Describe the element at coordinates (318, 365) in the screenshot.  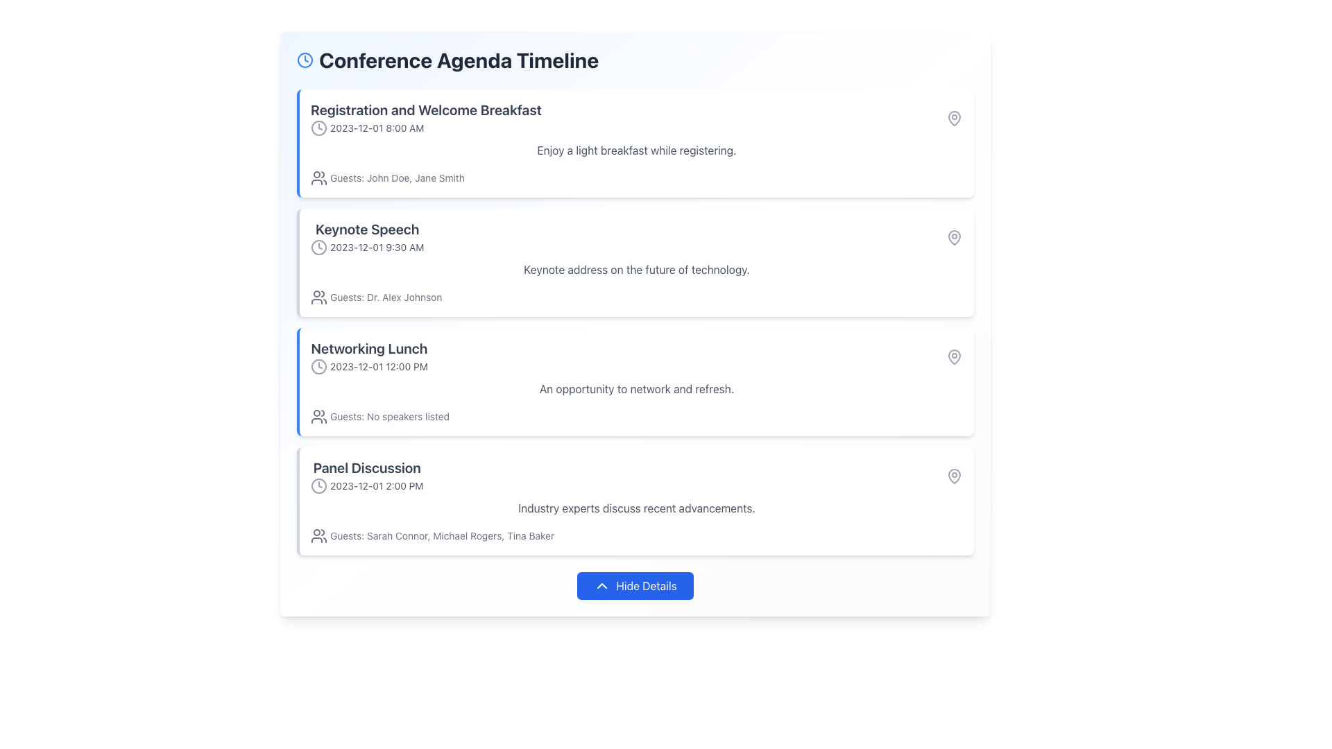
I see `the circular component within the clock icon adjacent to the text 'Networking Lunch'` at that location.